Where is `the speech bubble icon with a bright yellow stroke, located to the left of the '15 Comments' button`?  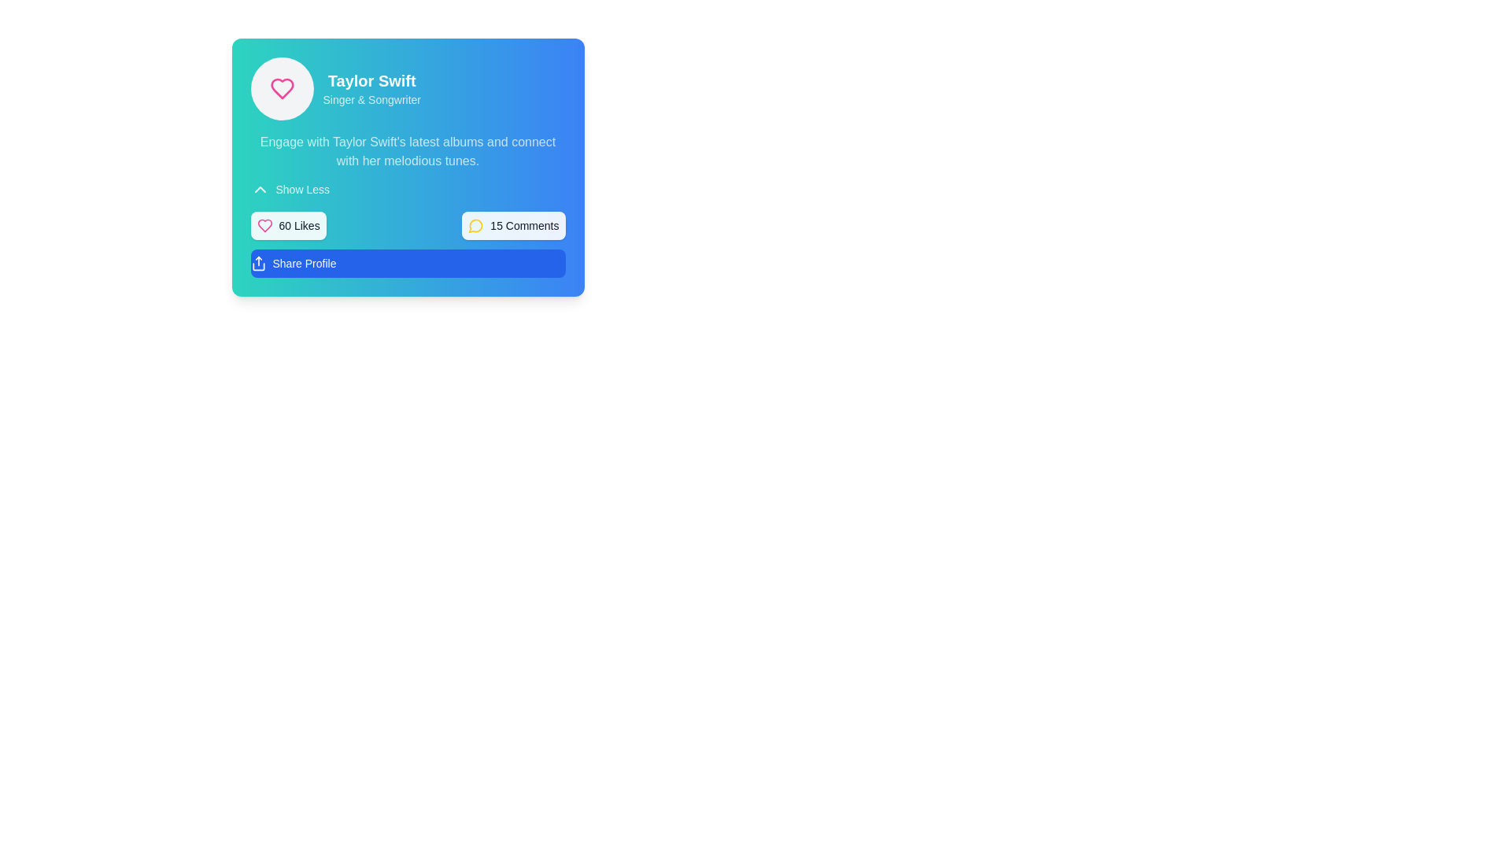 the speech bubble icon with a bright yellow stroke, located to the left of the '15 Comments' button is located at coordinates (475, 225).